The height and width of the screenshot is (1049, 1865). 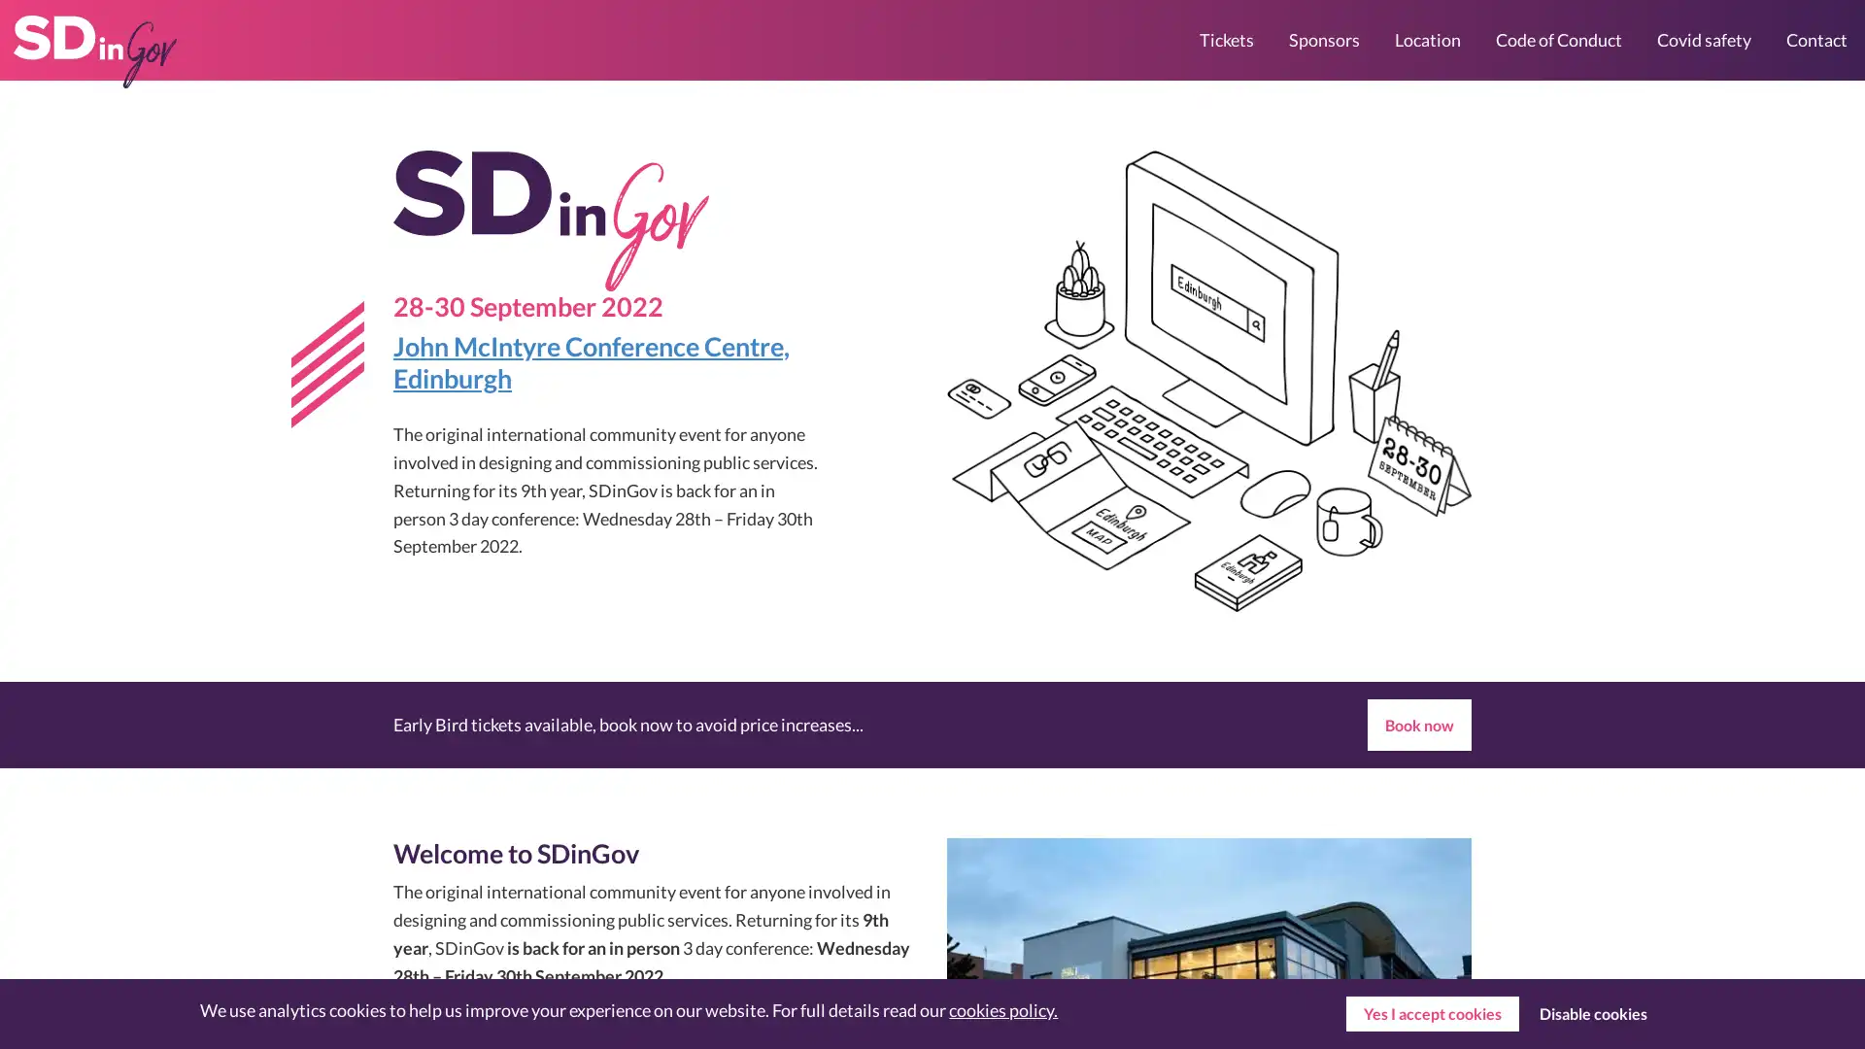 I want to click on Yes I accept cookies, so click(x=1431, y=1013).